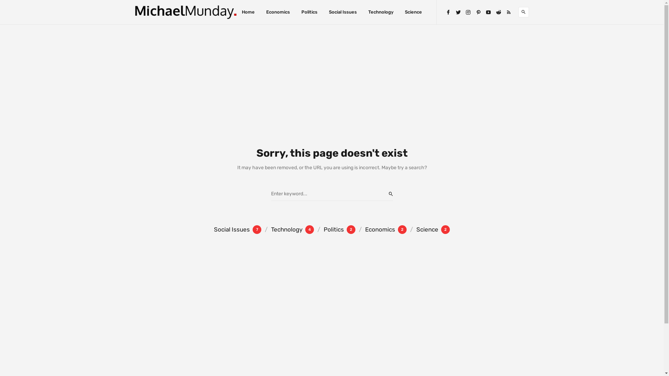 This screenshot has height=376, width=669. I want to click on 'Social Issues', so click(343, 12).